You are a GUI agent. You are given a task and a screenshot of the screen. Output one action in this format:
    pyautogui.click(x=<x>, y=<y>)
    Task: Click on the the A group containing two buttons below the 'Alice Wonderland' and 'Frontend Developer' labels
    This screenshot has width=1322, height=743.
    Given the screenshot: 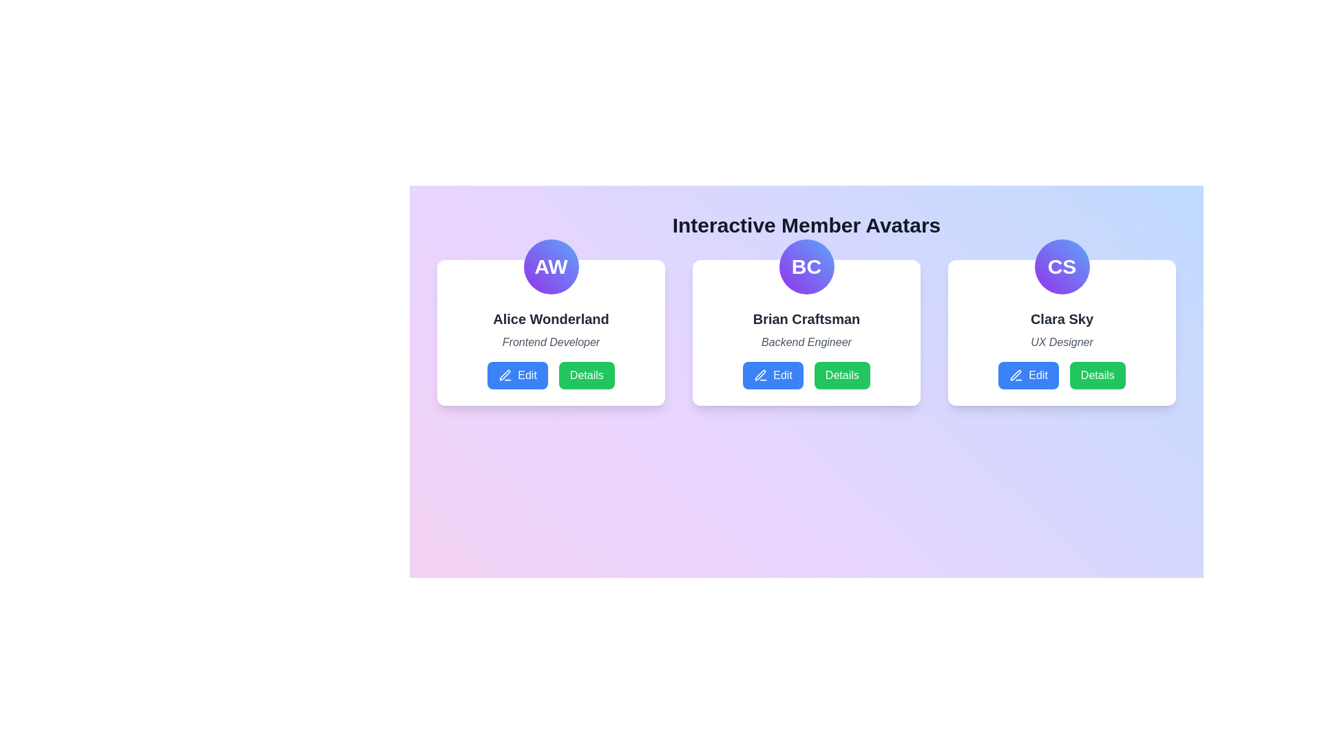 What is the action you would take?
    pyautogui.click(x=551, y=376)
    